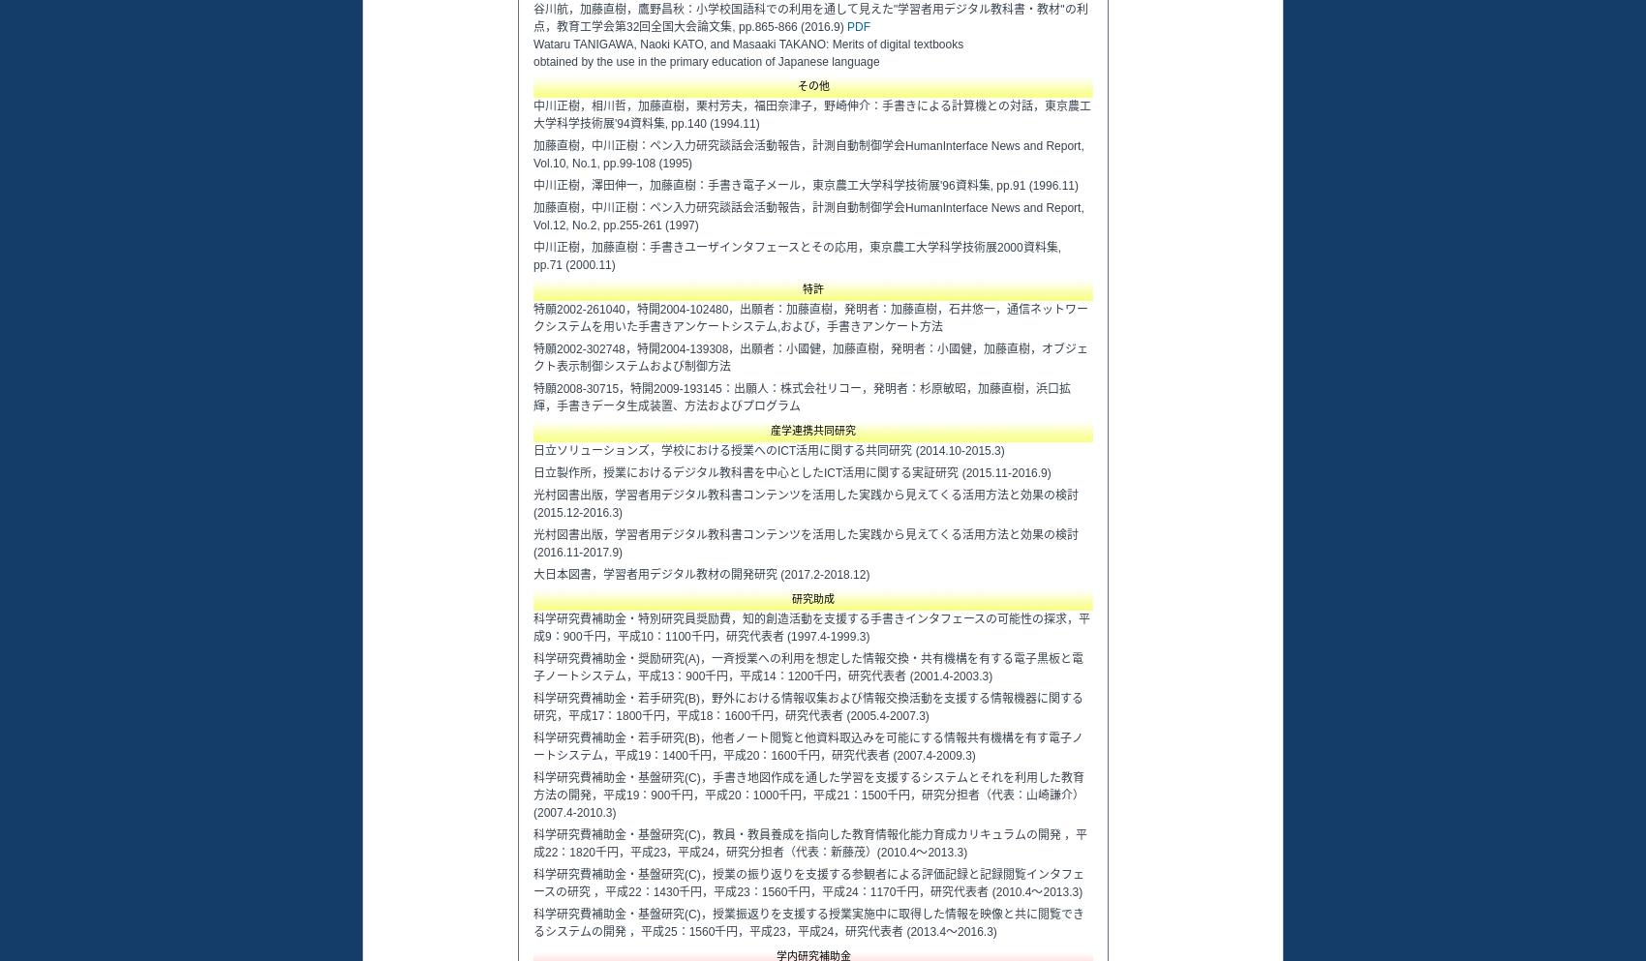  What do you see at coordinates (808, 217) in the screenshot?
I see `'加藤直樹，中川正樹：ペン入力研究談話会活動報告，計測自動制御学会HumanInterface News and Report, Vol.12, No.2, pp.255-261 (1997)'` at bounding box center [808, 217].